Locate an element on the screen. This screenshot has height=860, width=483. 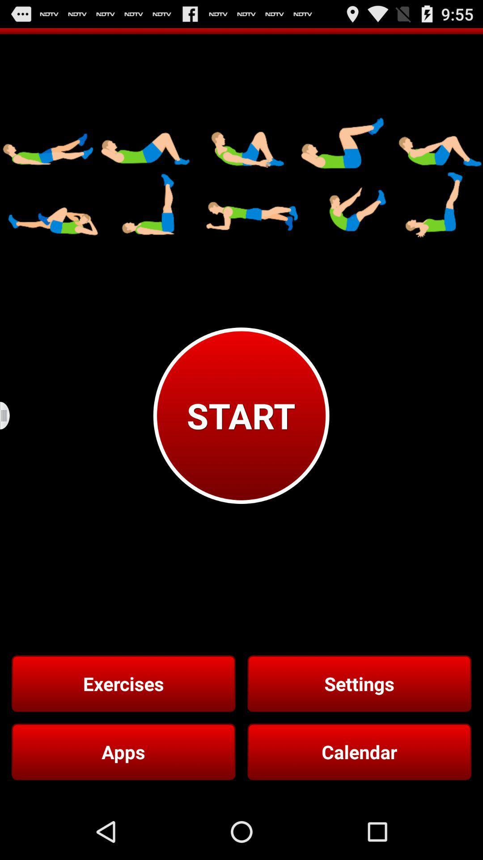
the button at the center is located at coordinates (241, 415).